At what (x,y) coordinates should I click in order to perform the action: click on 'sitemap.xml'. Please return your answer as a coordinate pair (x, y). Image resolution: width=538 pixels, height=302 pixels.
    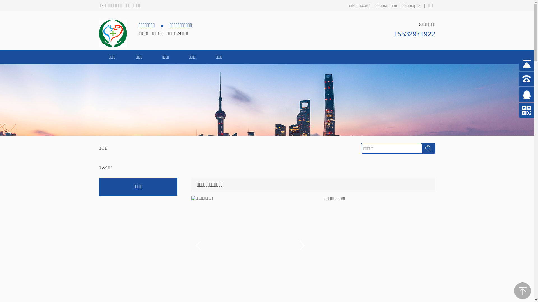
    Looking at the image, I should click on (360, 5).